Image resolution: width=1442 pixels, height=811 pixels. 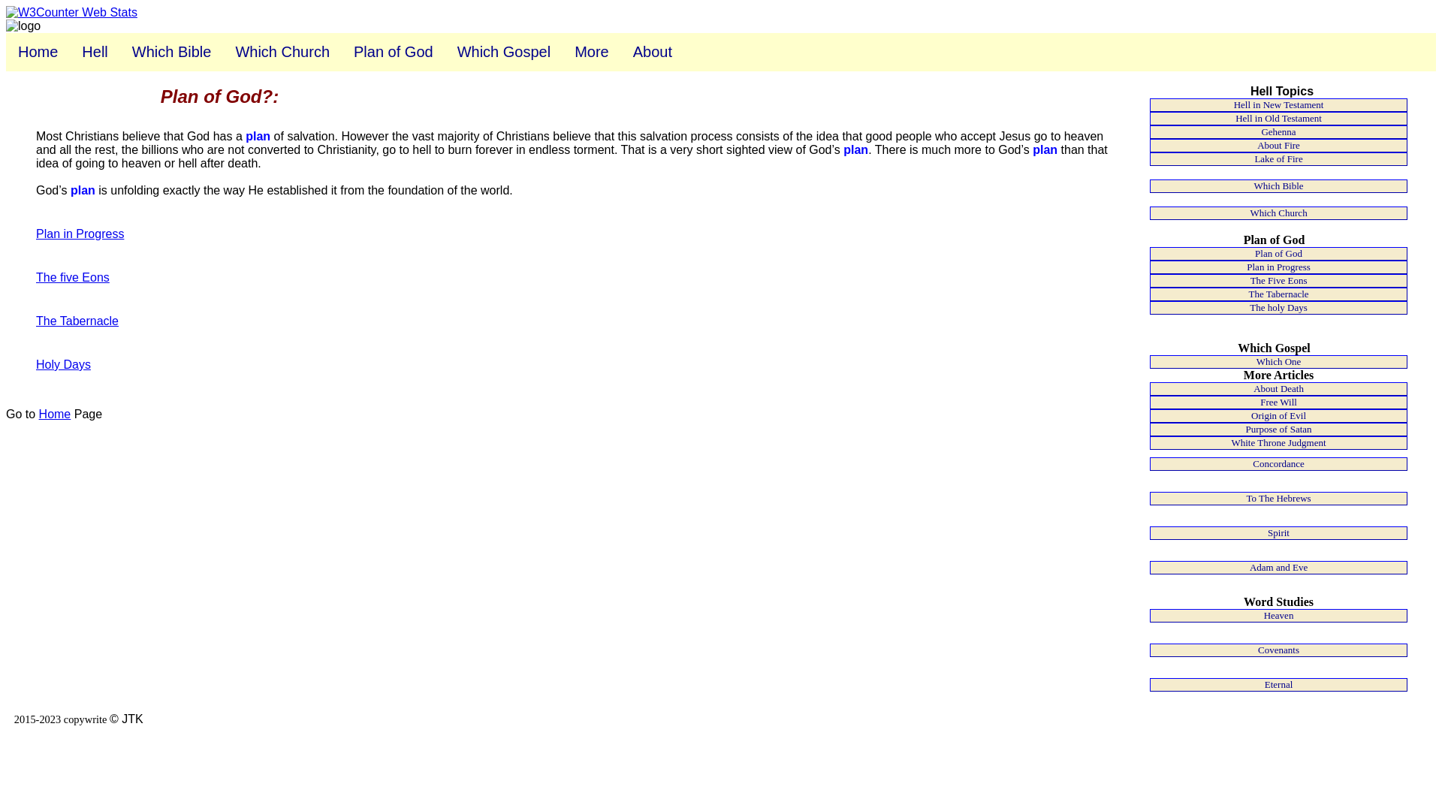 What do you see at coordinates (1278, 145) in the screenshot?
I see `'About Fire'` at bounding box center [1278, 145].